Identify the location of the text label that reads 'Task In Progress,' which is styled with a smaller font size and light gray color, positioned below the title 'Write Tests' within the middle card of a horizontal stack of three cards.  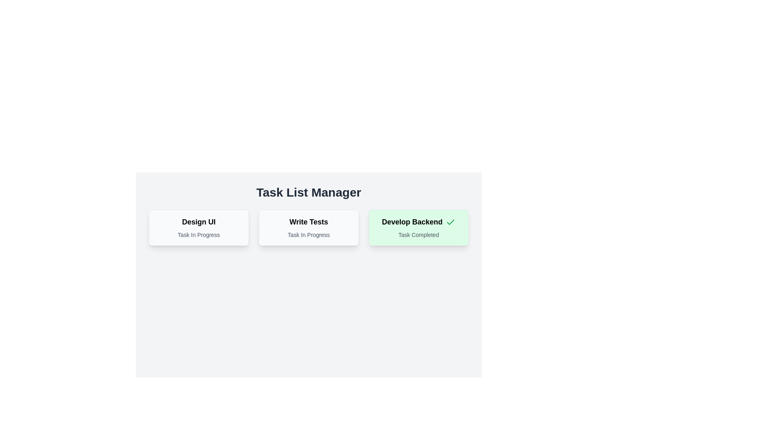
(308, 235).